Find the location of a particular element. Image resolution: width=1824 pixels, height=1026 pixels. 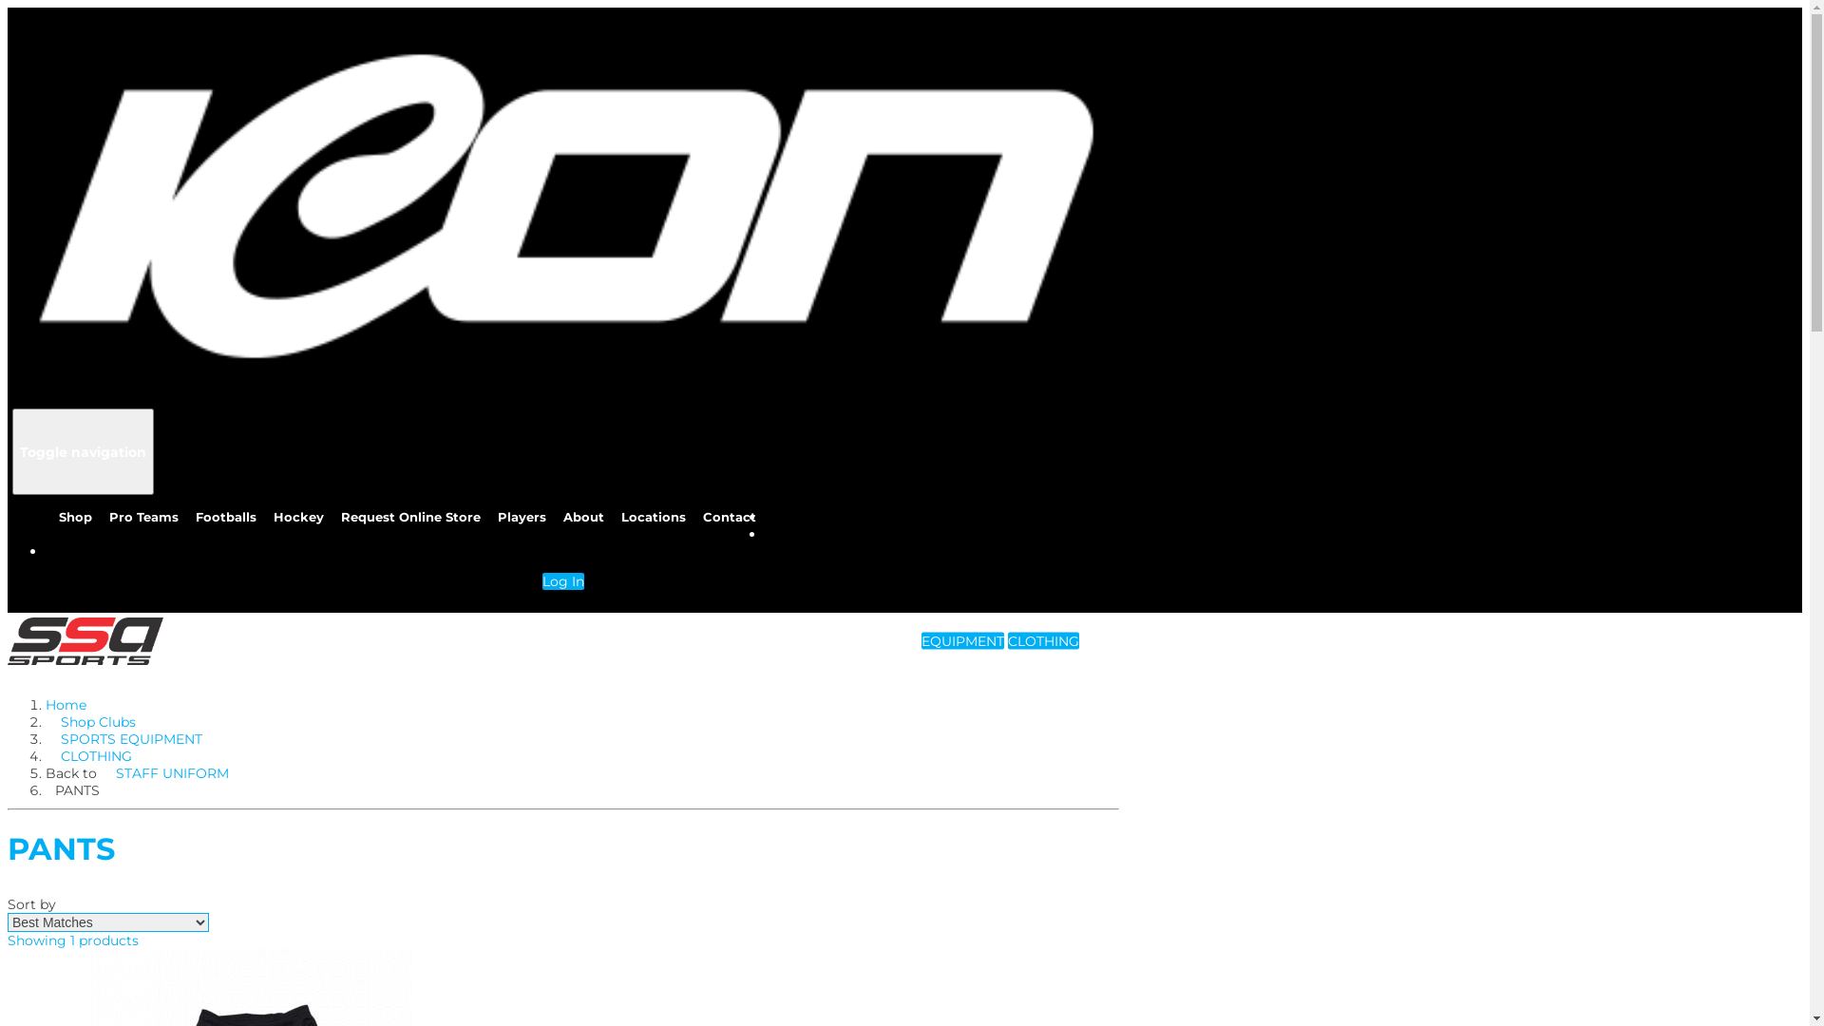

'About' is located at coordinates (582, 519).